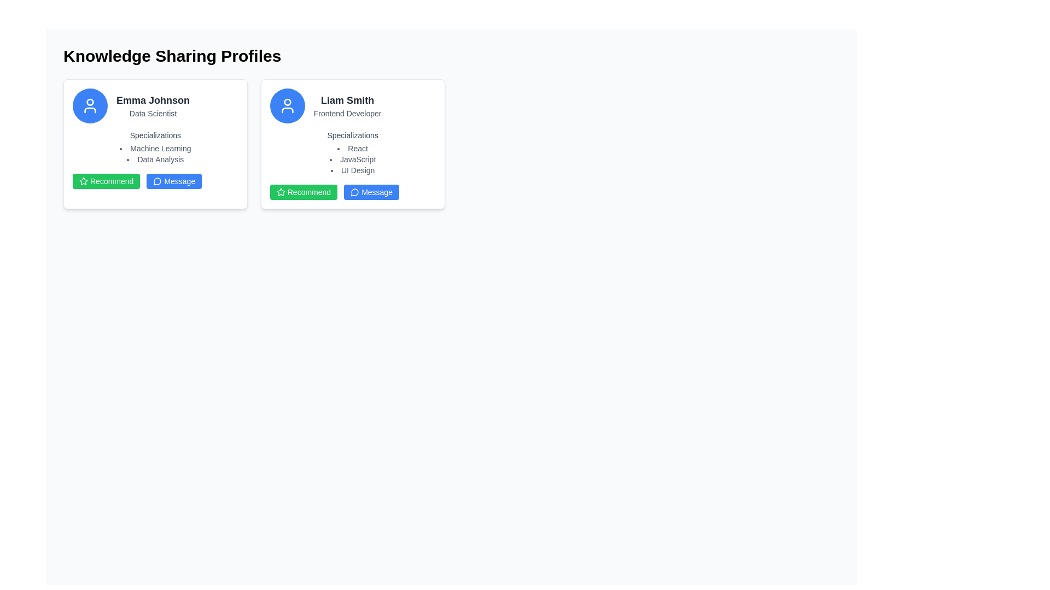 This screenshot has height=590, width=1050. What do you see at coordinates (352, 105) in the screenshot?
I see `textual information in the Profile summary section of the second profile card, which displays a blue circular icon with a user silhouette and the name 'Liam Smith' alongside the job title 'Frontend Developer.'` at bounding box center [352, 105].